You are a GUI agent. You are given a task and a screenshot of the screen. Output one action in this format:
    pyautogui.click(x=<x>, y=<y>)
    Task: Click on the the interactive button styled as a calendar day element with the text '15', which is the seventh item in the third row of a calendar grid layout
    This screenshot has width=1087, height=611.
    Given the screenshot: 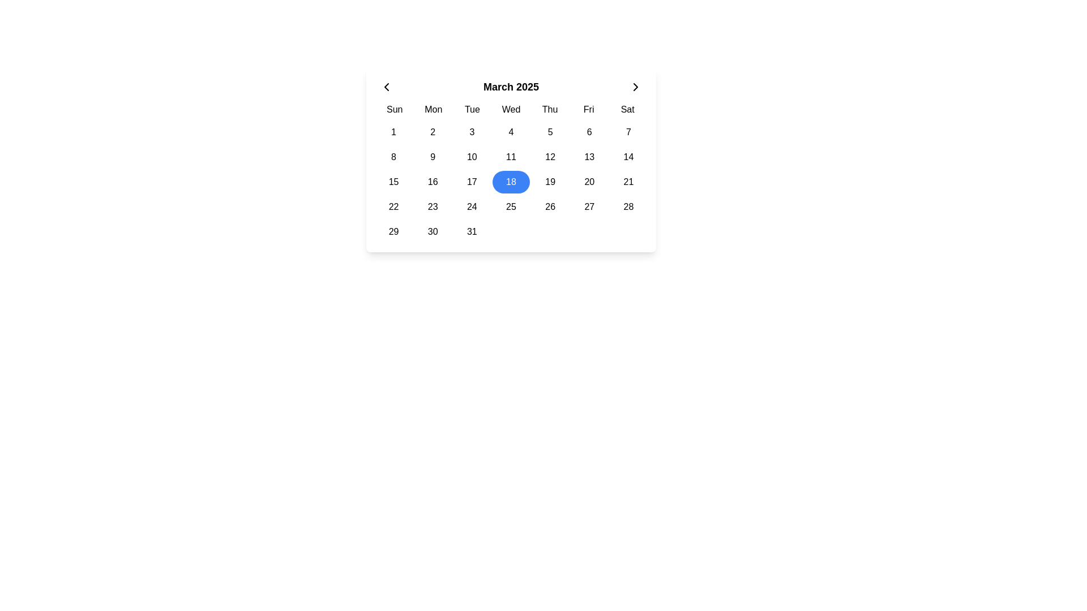 What is the action you would take?
    pyautogui.click(x=393, y=181)
    